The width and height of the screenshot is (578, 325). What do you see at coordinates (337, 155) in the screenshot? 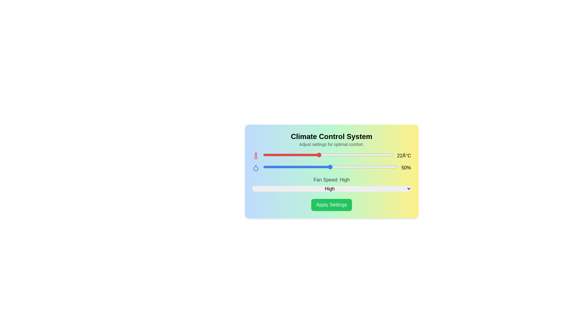
I see `the temperature slider to 24°C` at bounding box center [337, 155].